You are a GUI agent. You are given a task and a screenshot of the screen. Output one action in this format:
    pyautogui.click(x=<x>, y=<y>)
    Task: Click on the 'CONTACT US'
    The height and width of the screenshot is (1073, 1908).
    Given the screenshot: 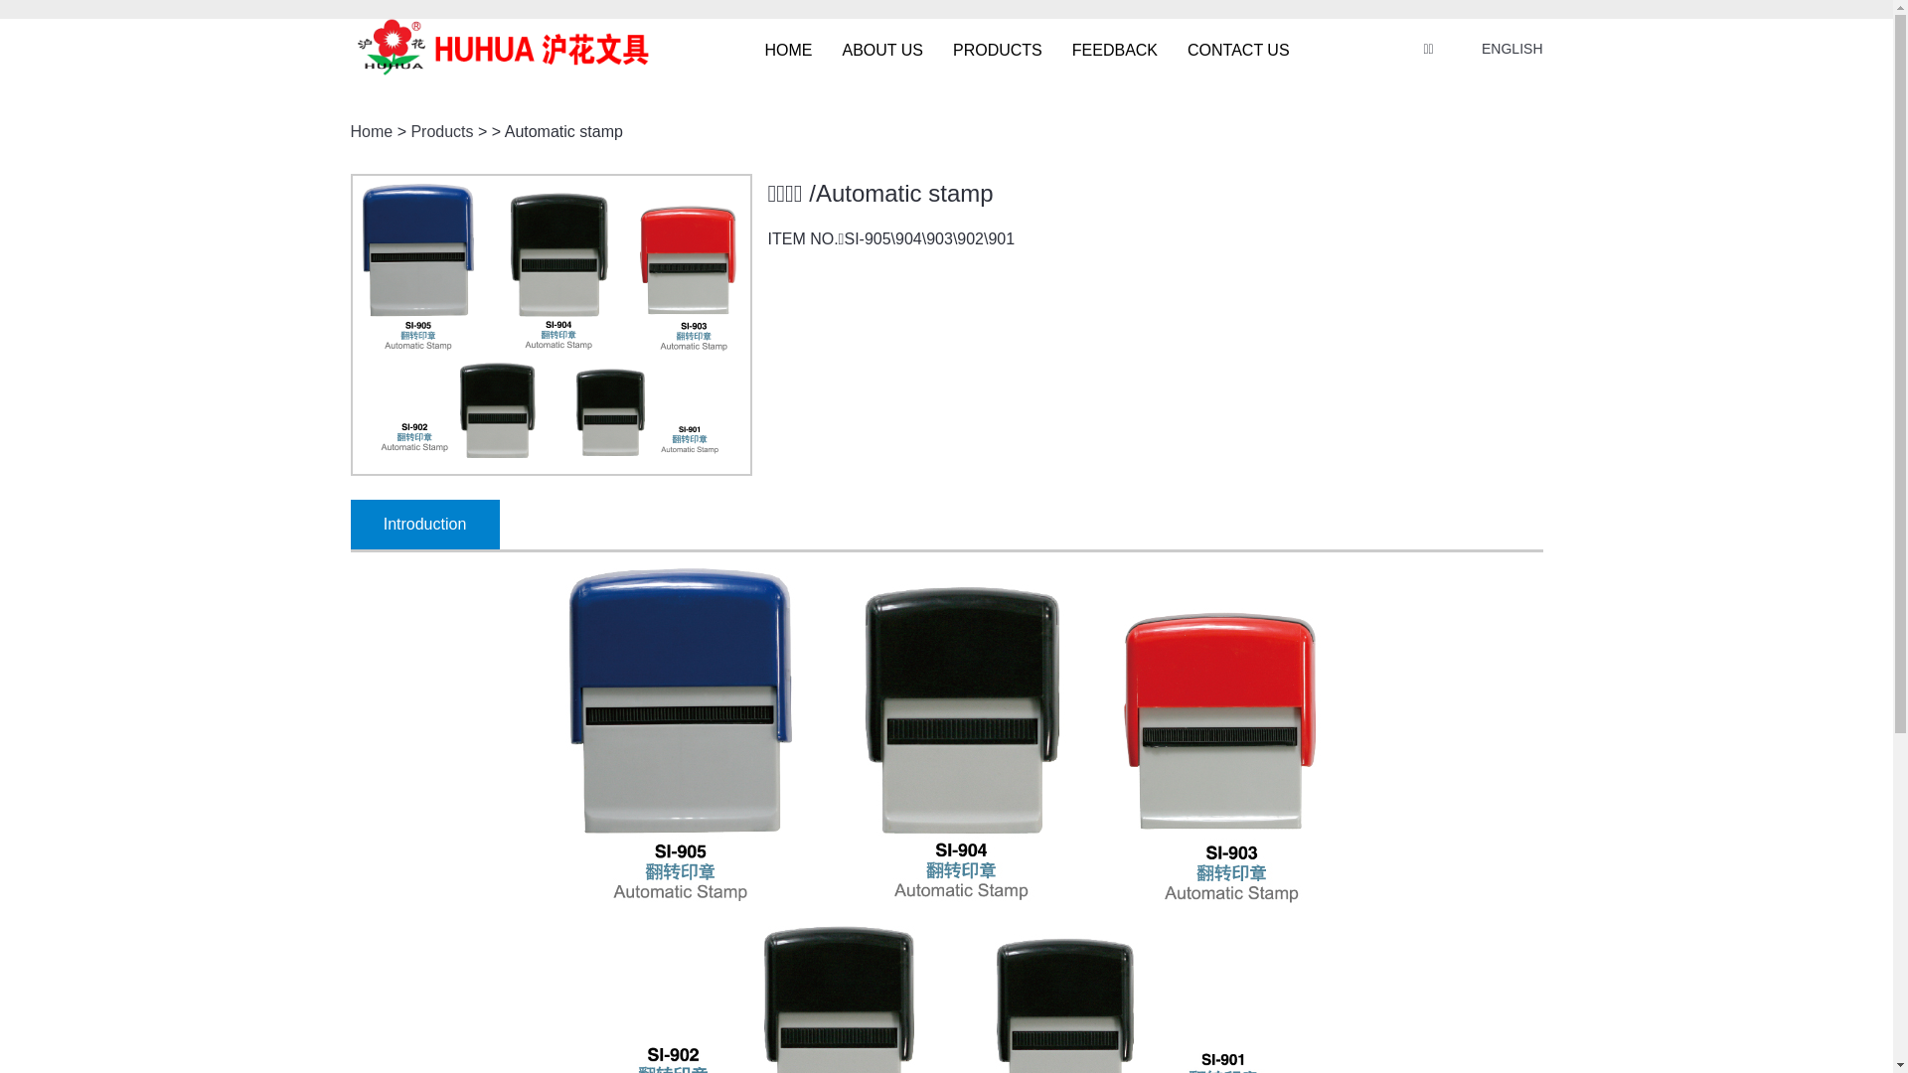 What is the action you would take?
    pyautogui.click(x=1188, y=49)
    